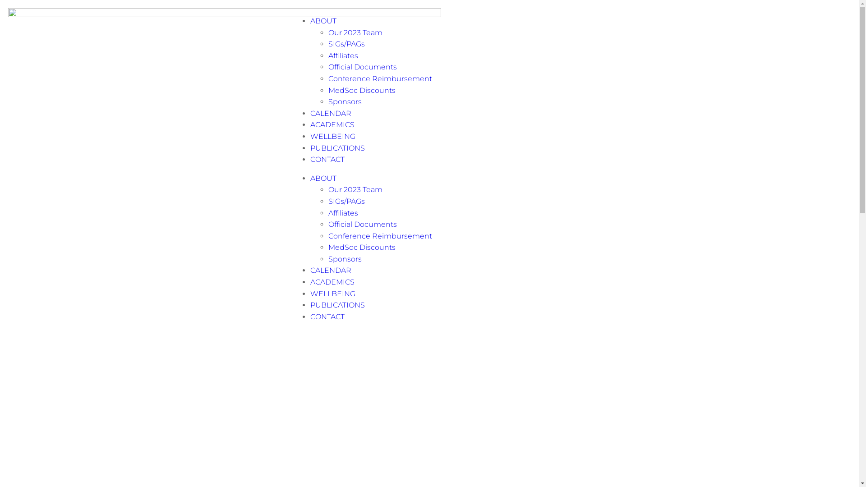 The image size is (866, 487). I want to click on 'WELLBEING', so click(310, 294).